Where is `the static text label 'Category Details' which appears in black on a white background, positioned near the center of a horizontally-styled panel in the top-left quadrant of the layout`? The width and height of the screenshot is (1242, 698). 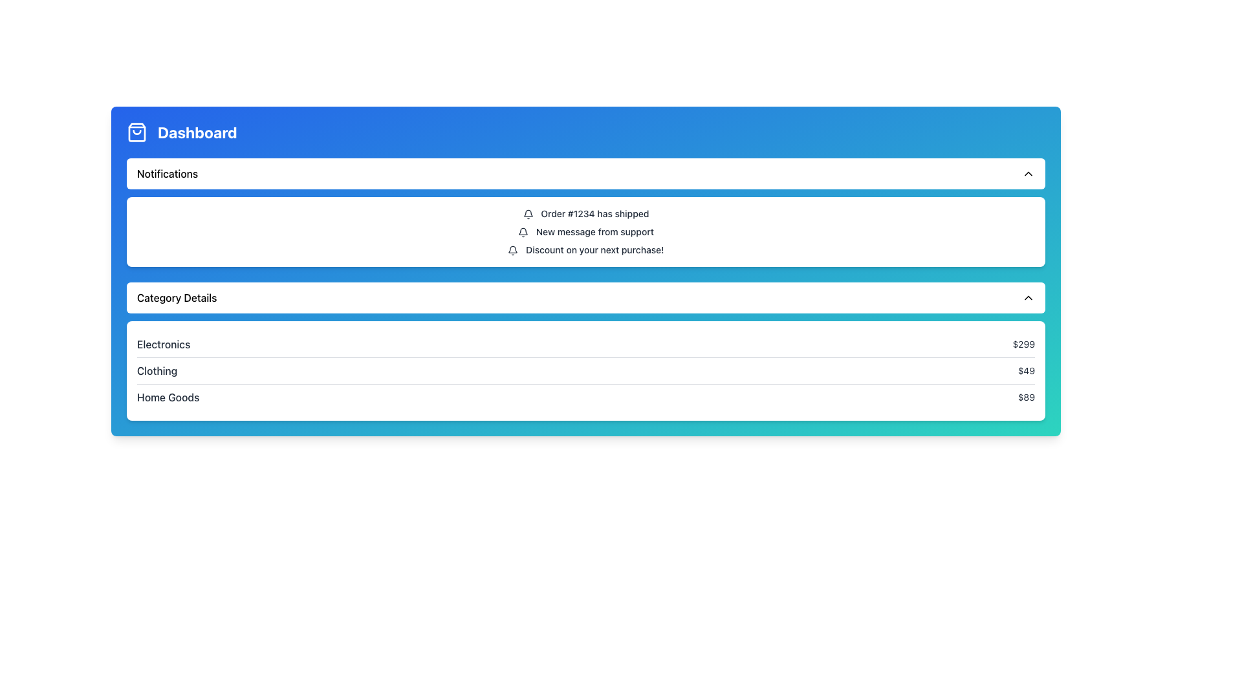
the static text label 'Category Details' which appears in black on a white background, positioned near the center of a horizontally-styled panel in the top-left quadrant of the layout is located at coordinates (176, 298).